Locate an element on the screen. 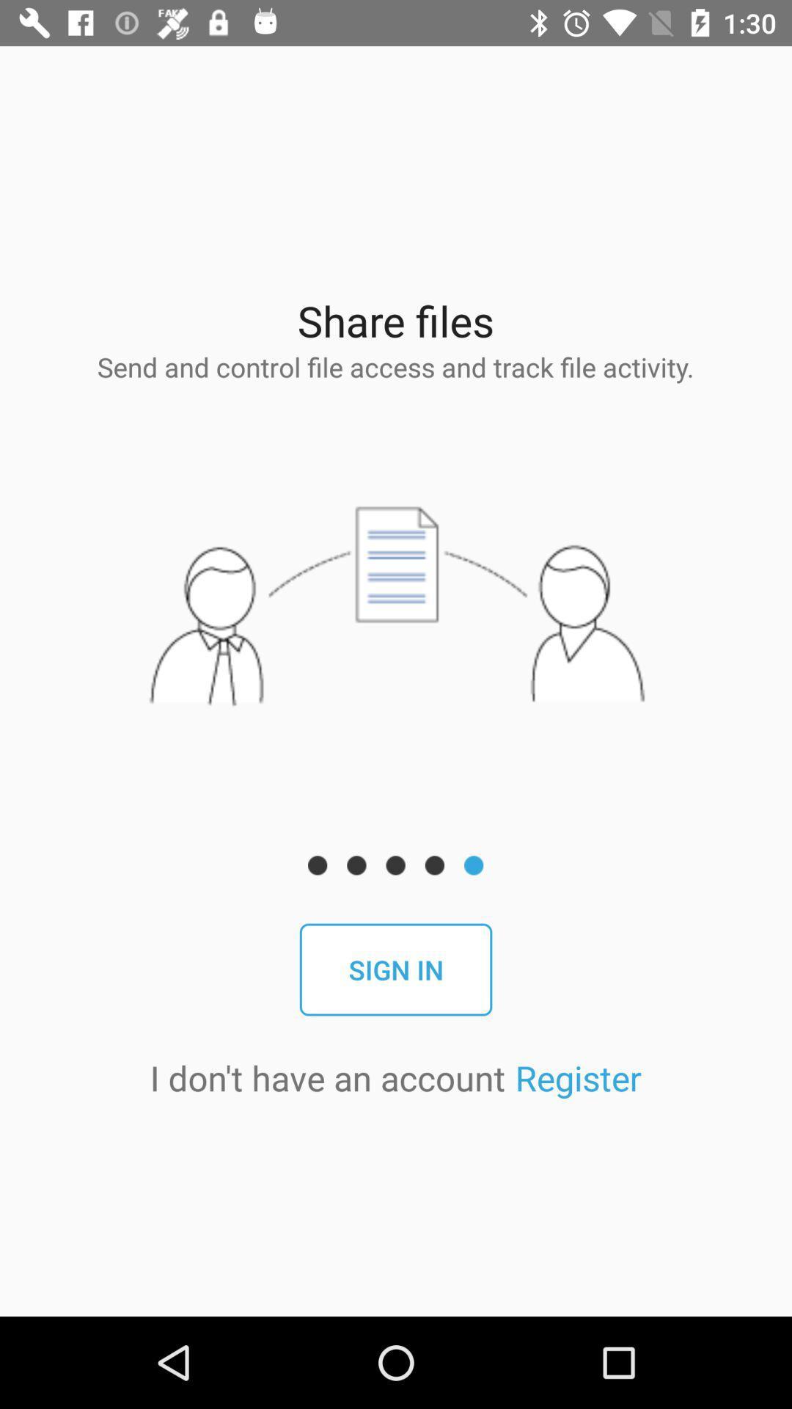  the sign in button is located at coordinates (396, 969).